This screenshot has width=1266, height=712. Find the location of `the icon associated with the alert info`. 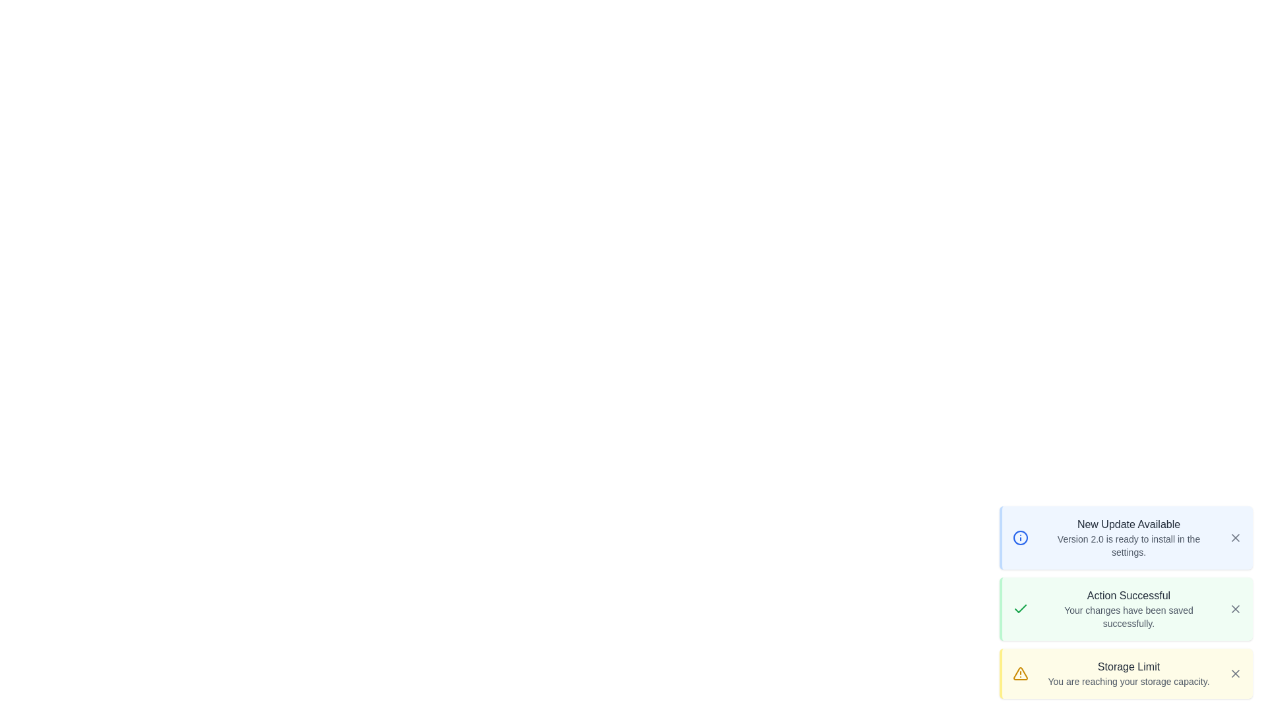

the icon associated with the alert info is located at coordinates (1020, 538).